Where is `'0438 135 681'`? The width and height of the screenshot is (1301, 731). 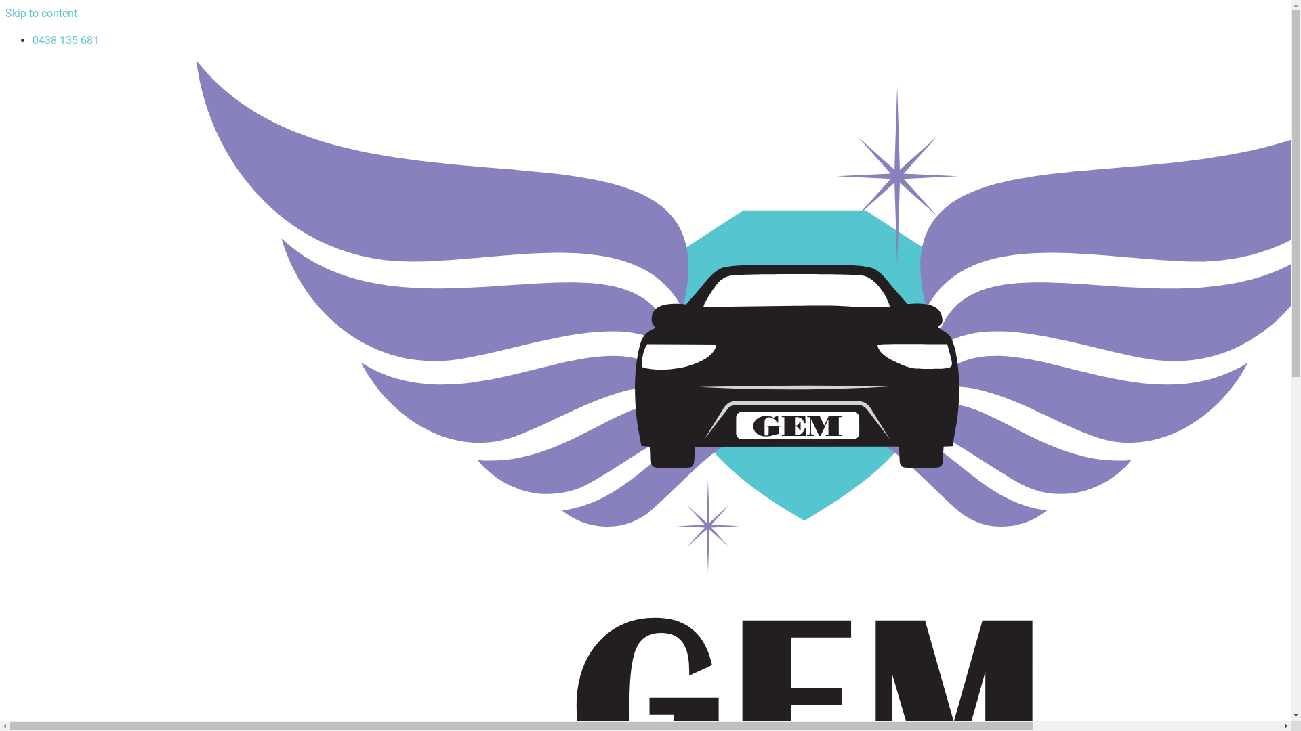 '0438 135 681' is located at coordinates (33, 39).